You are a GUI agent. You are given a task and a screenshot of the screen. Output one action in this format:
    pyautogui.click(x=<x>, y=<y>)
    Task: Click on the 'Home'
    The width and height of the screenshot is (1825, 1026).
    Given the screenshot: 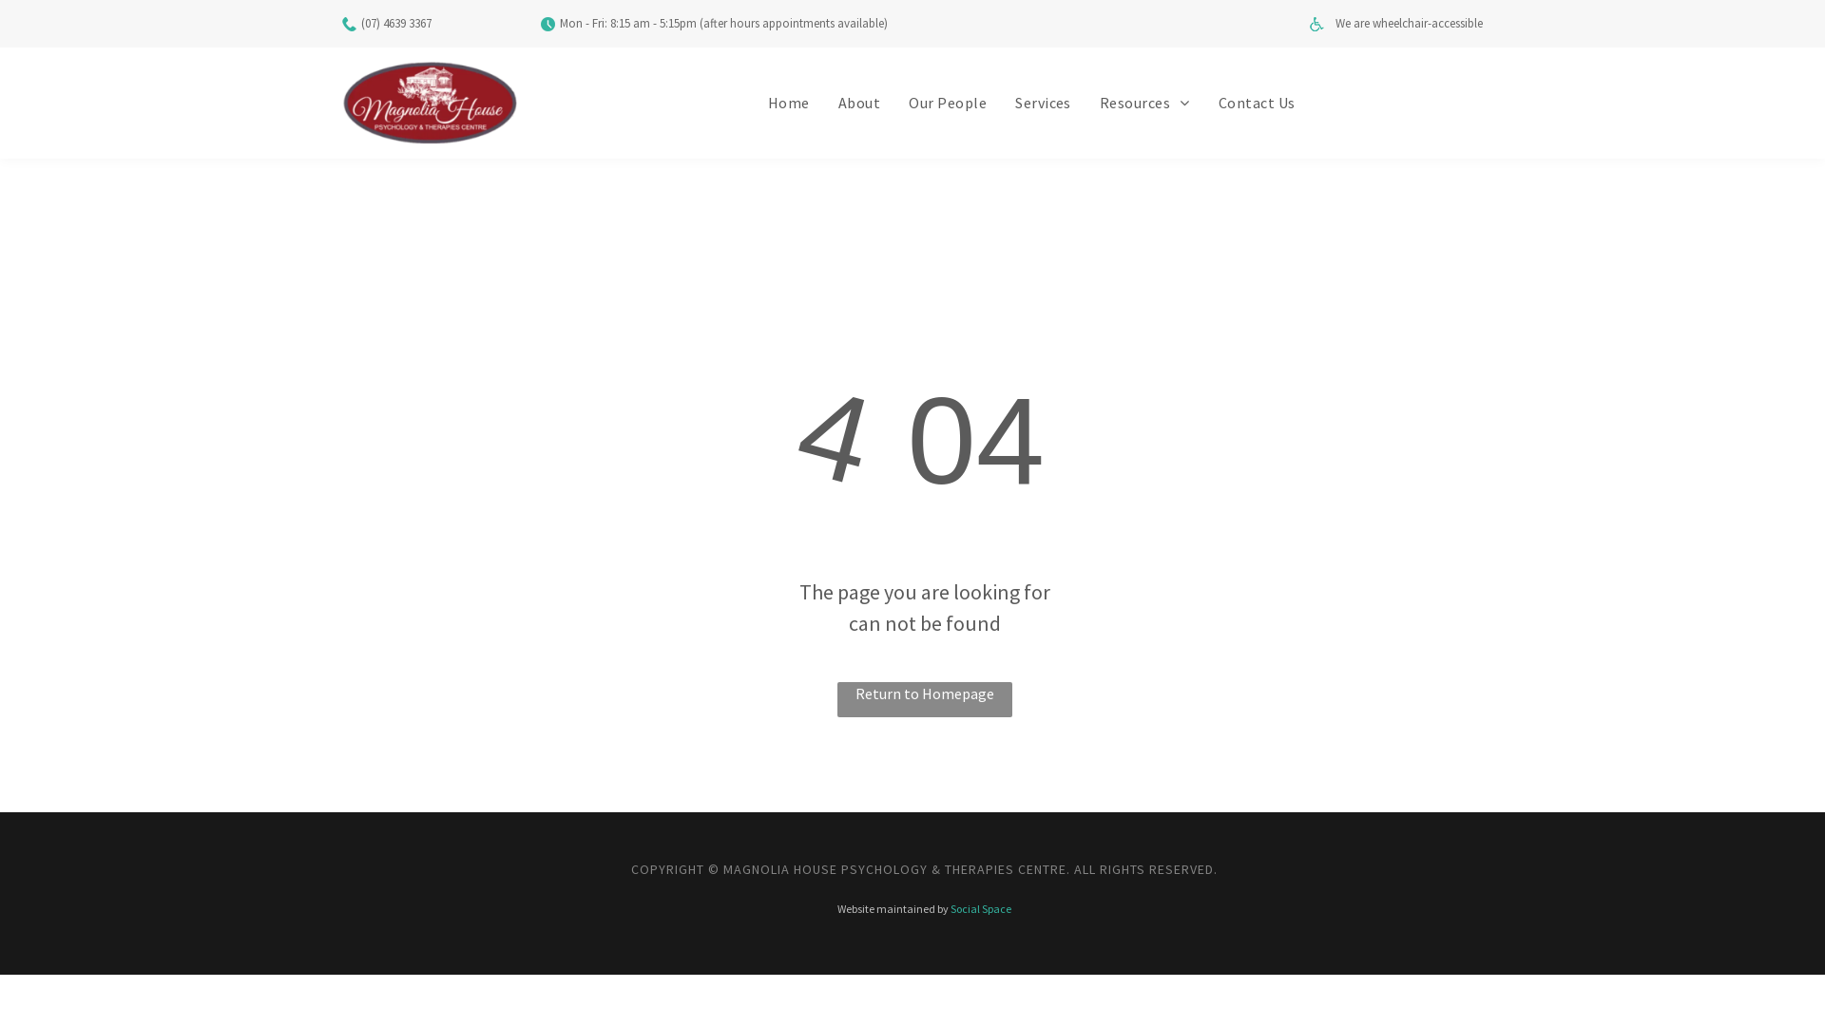 What is the action you would take?
    pyautogui.click(x=752, y=103)
    